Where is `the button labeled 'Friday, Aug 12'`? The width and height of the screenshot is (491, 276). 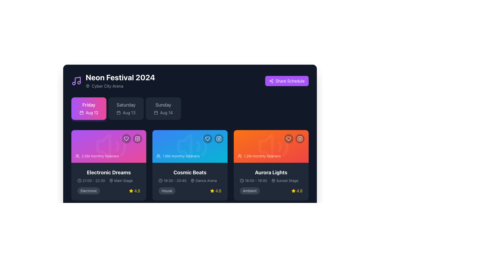 the button labeled 'Friday, Aug 12' is located at coordinates (89, 108).